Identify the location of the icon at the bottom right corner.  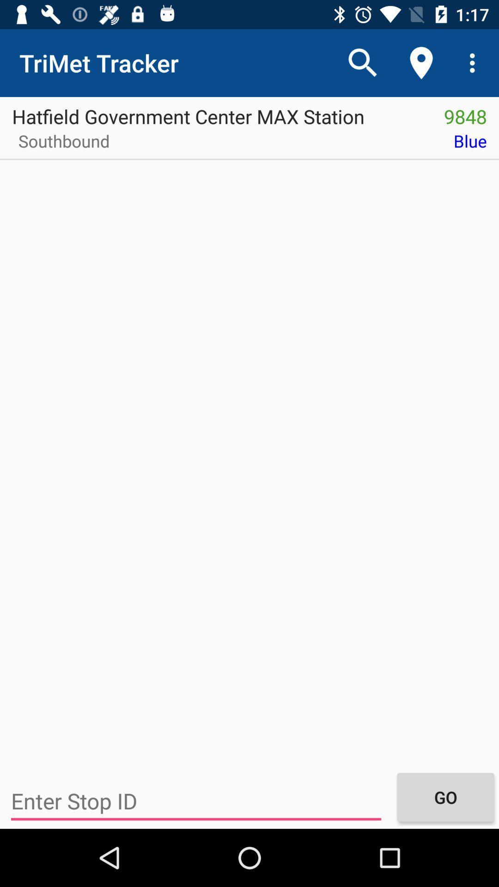
(445, 796).